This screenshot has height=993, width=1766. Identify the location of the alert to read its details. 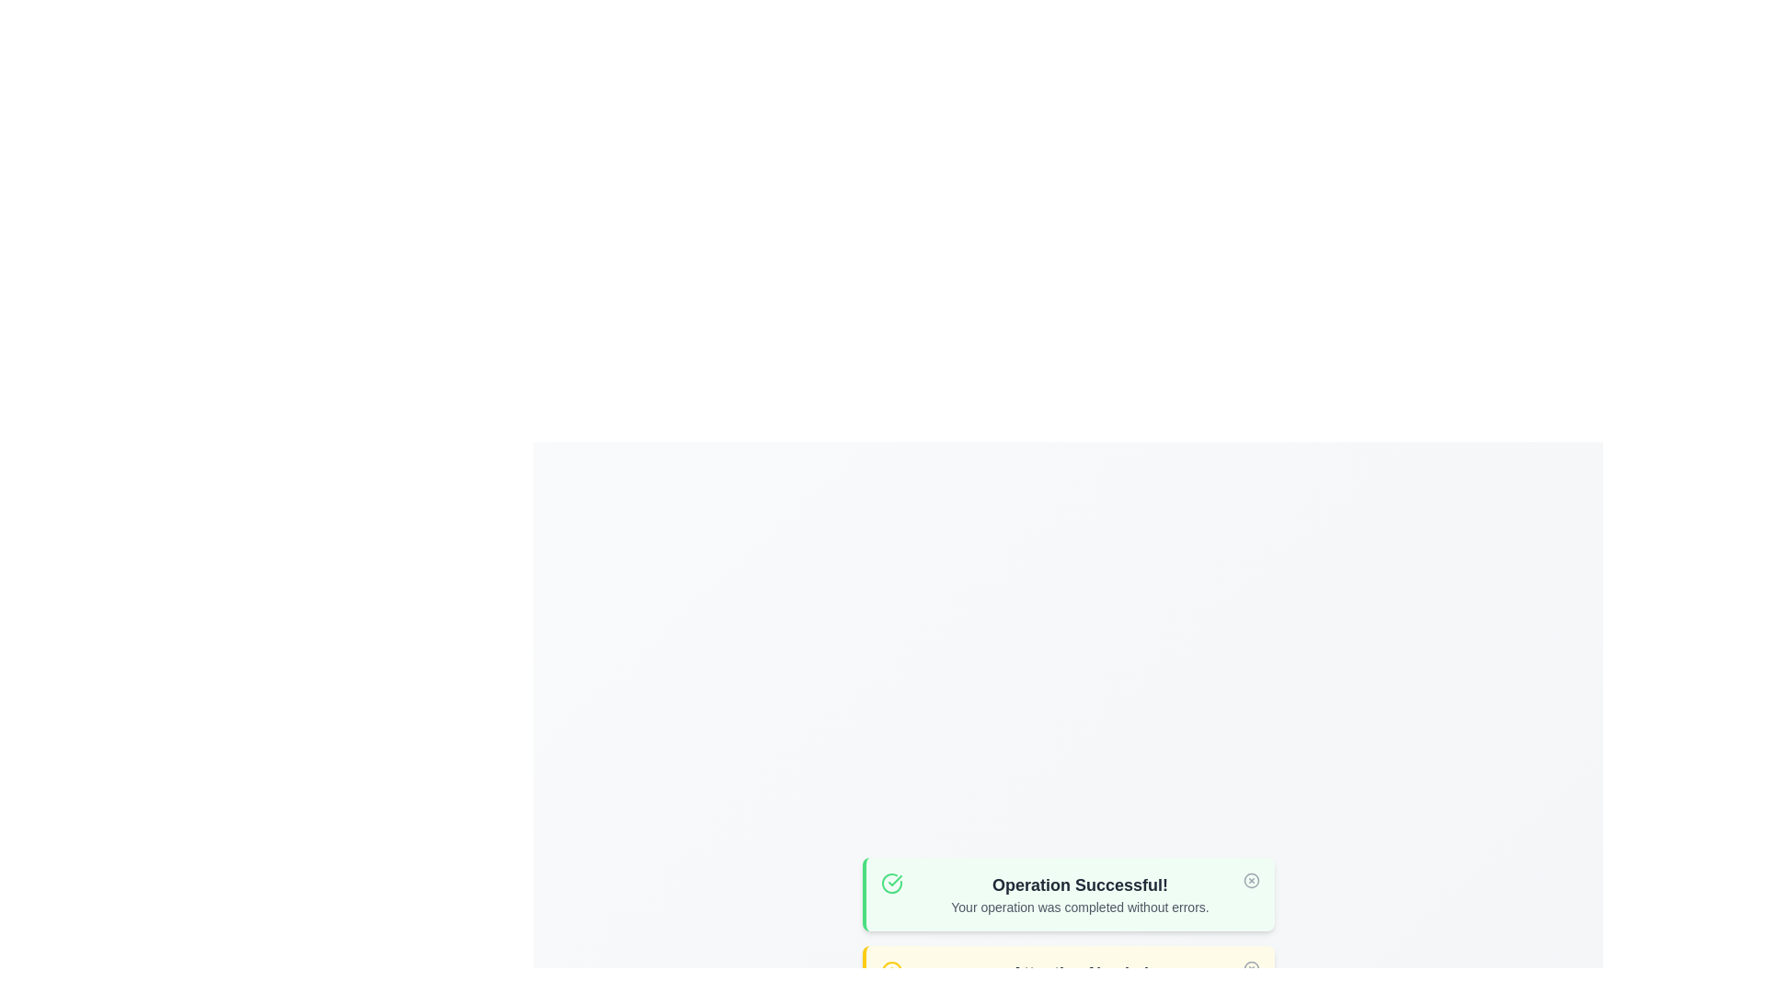
(1068, 893).